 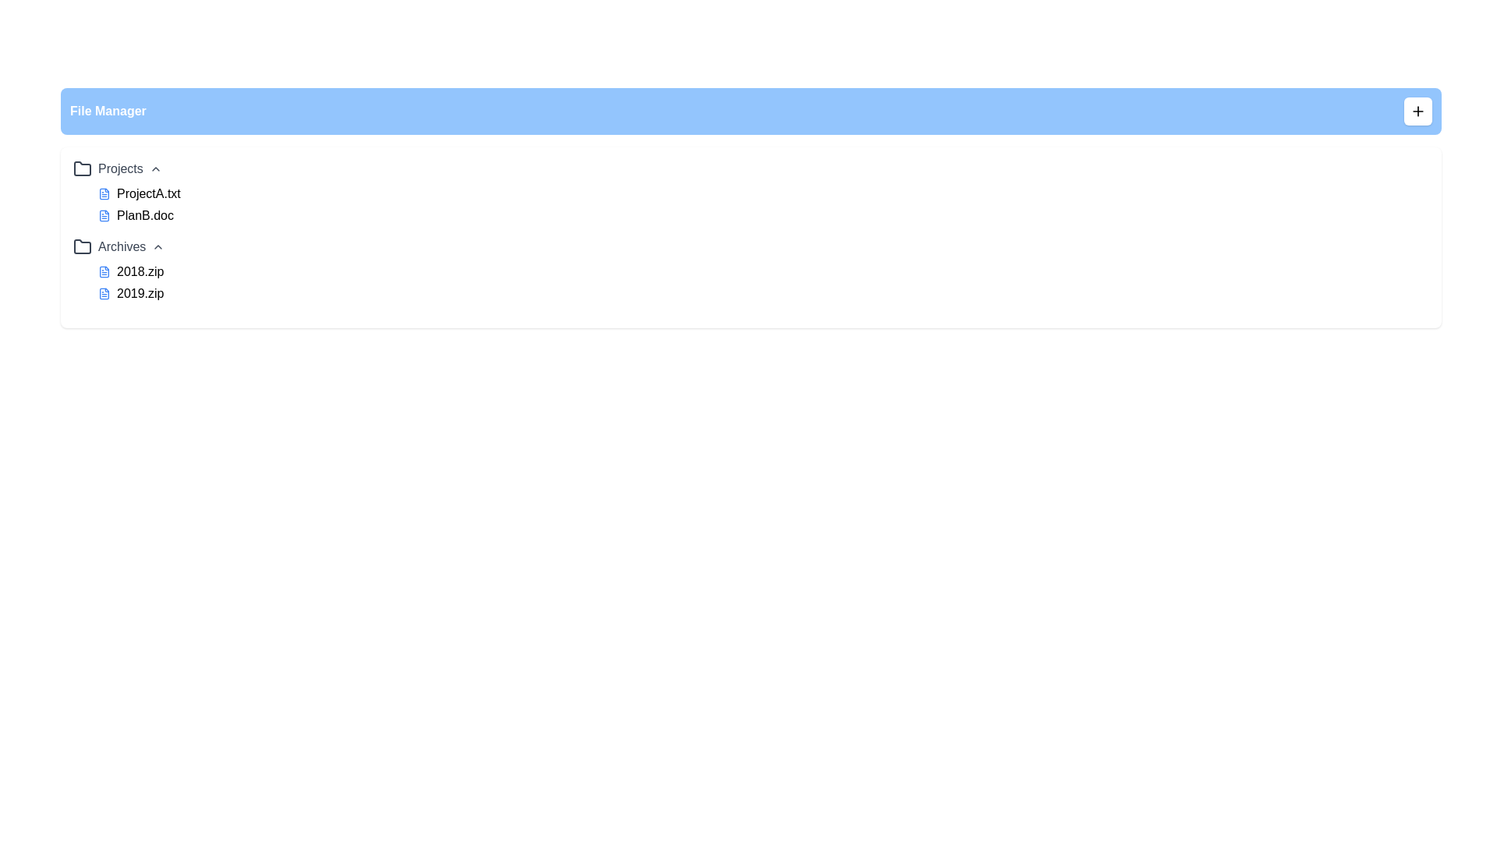 I want to click on the 'Projects' text label in the file manager, so click(x=119, y=168).